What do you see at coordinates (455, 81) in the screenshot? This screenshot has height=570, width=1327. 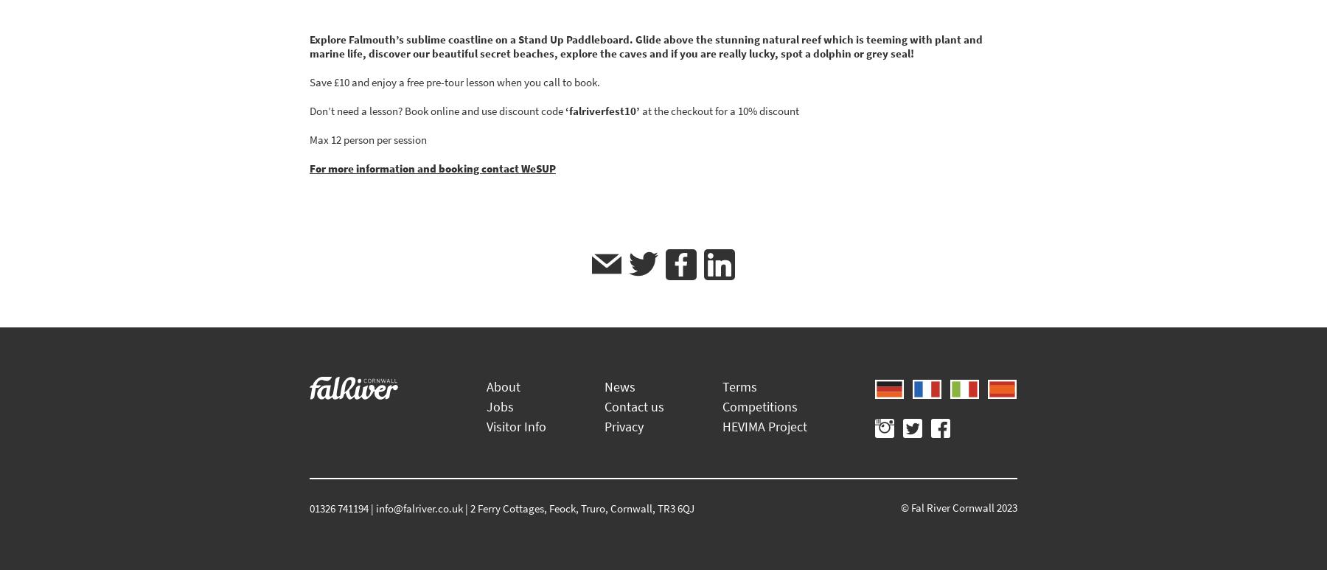 I see `'Save £10 and enjoy a free pre-tour lesson when you call to book.'` at bounding box center [455, 81].